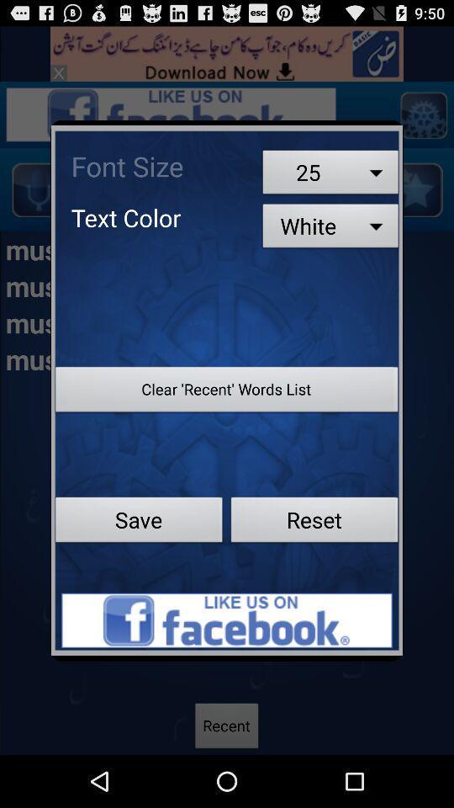 This screenshot has width=454, height=808. I want to click on click on facebook, so click(227, 619).